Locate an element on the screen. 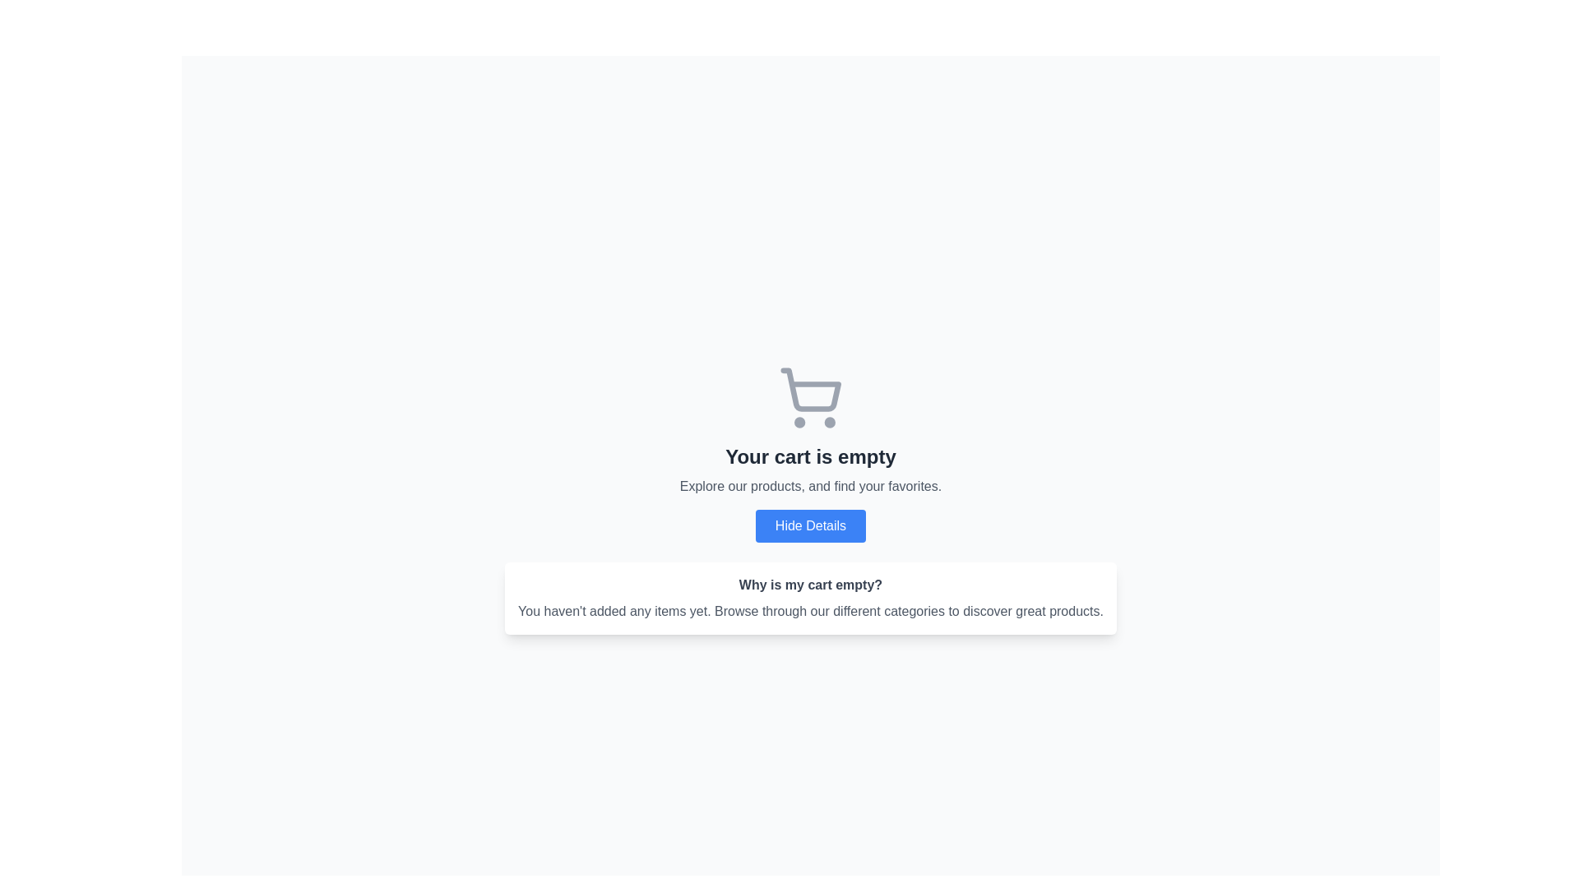 This screenshot has height=888, width=1579. text label that indicates the shopping cart is empty, located centrally below the shopping cart icon is located at coordinates (810, 456).